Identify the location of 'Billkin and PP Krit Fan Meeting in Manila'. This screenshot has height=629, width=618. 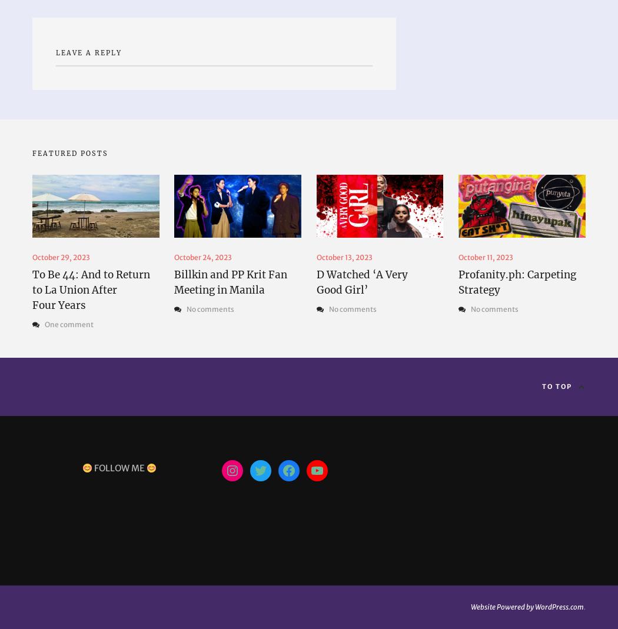
(230, 281).